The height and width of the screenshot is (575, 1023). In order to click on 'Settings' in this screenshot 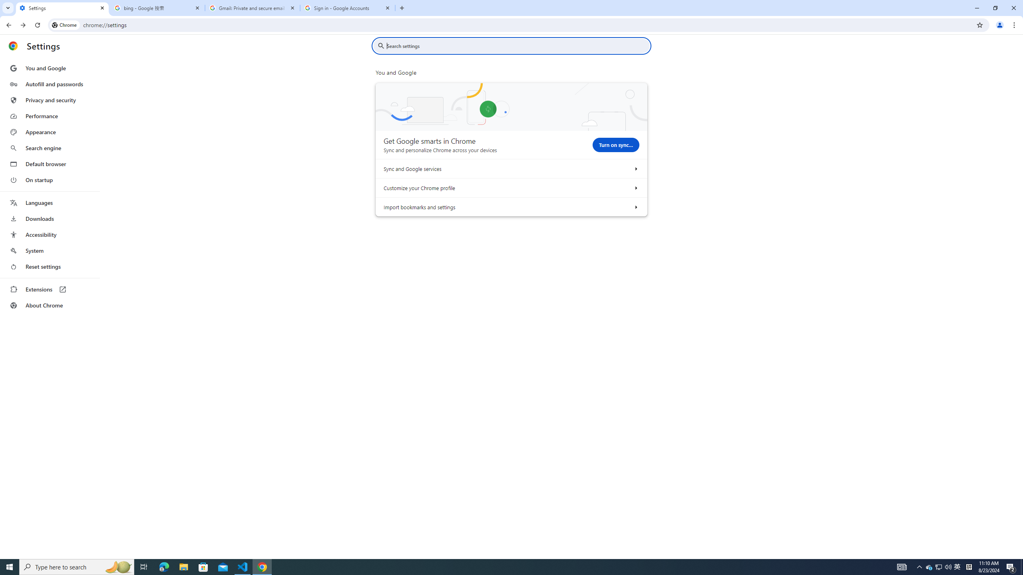, I will do `click(62, 8)`.